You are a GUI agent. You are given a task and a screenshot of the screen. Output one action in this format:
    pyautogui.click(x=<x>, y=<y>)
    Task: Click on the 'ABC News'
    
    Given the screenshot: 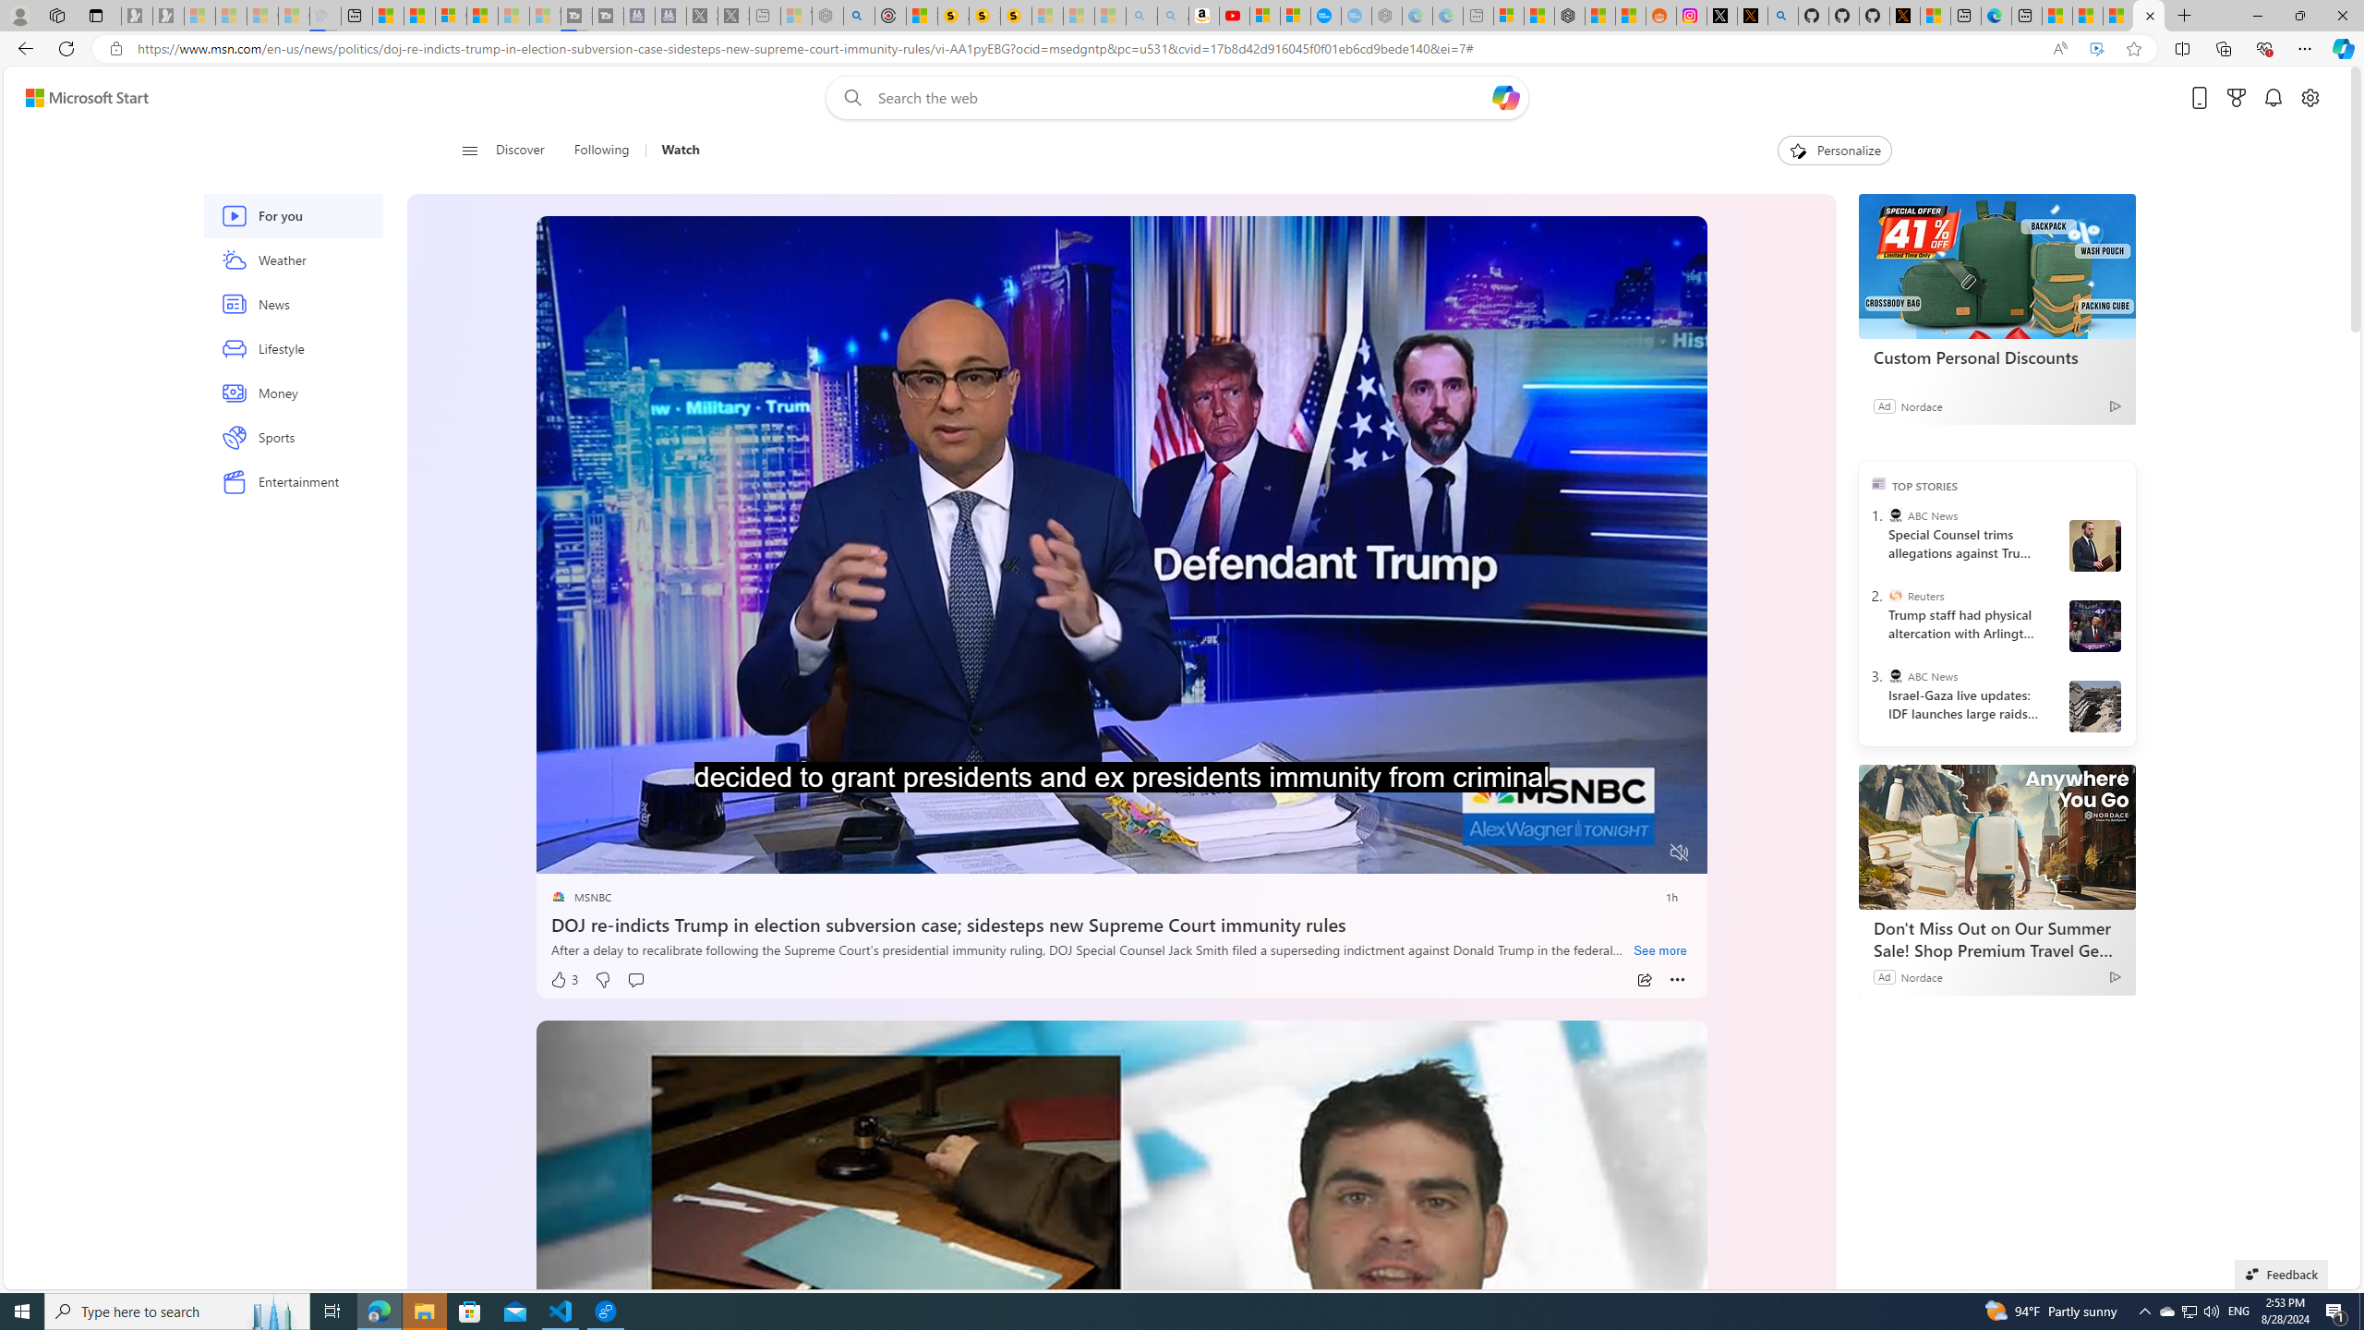 What is the action you would take?
    pyautogui.click(x=1896, y=675)
    